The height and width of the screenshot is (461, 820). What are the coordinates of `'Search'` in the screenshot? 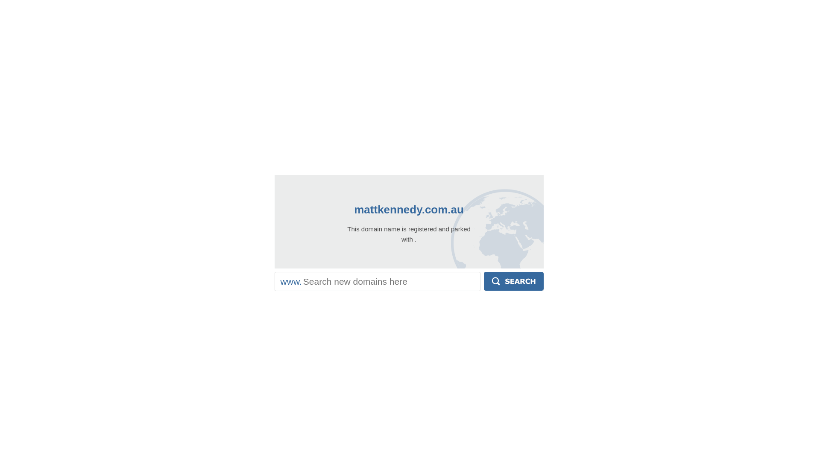 It's located at (513, 281).